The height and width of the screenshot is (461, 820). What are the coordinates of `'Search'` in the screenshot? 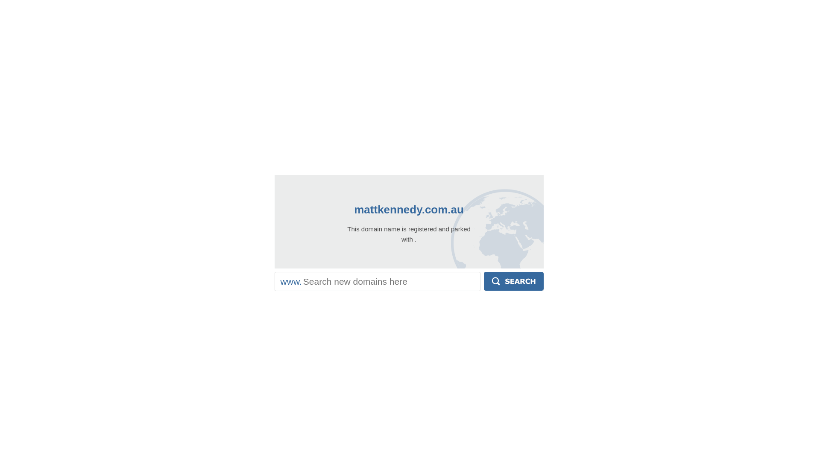 It's located at (513, 281).